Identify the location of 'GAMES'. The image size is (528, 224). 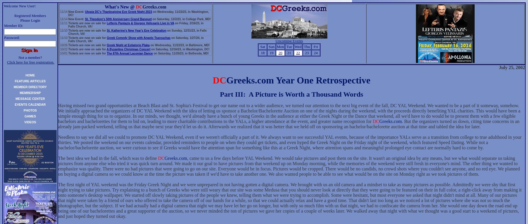
(30, 116).